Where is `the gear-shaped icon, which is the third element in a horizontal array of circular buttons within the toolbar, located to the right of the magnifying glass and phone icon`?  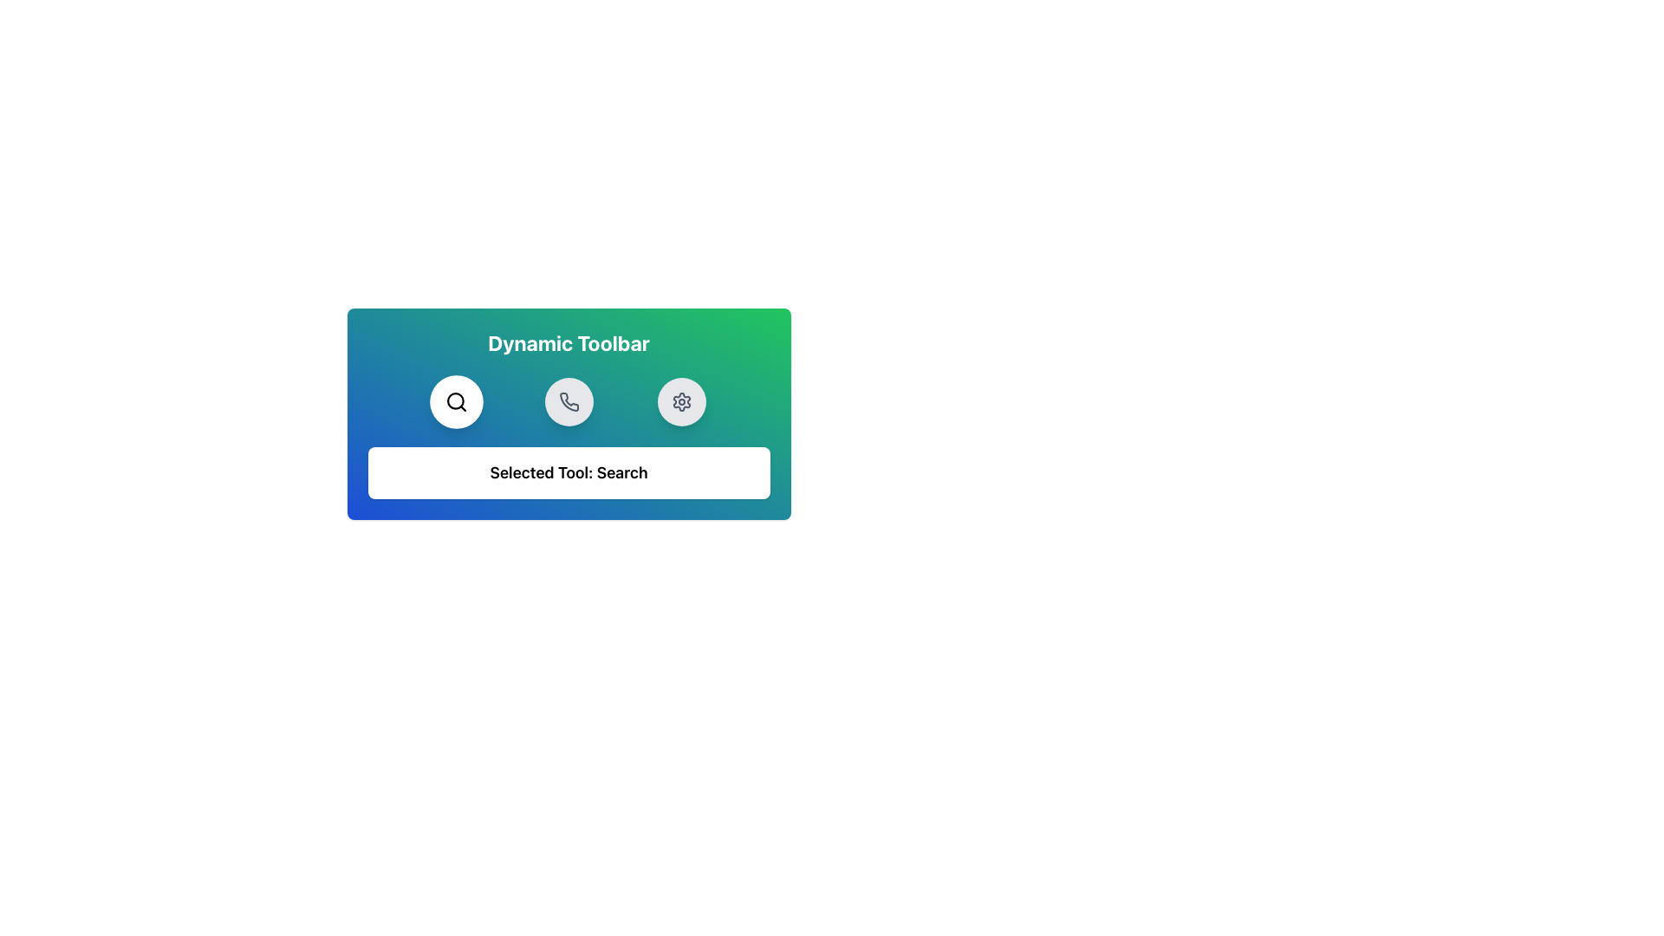
the gear-shaped icon, which is the third element in a horizontal array of circular buttons within the toolbar, located to the right of the magnifying glass and phone icon is located at coordinates (680, 401).